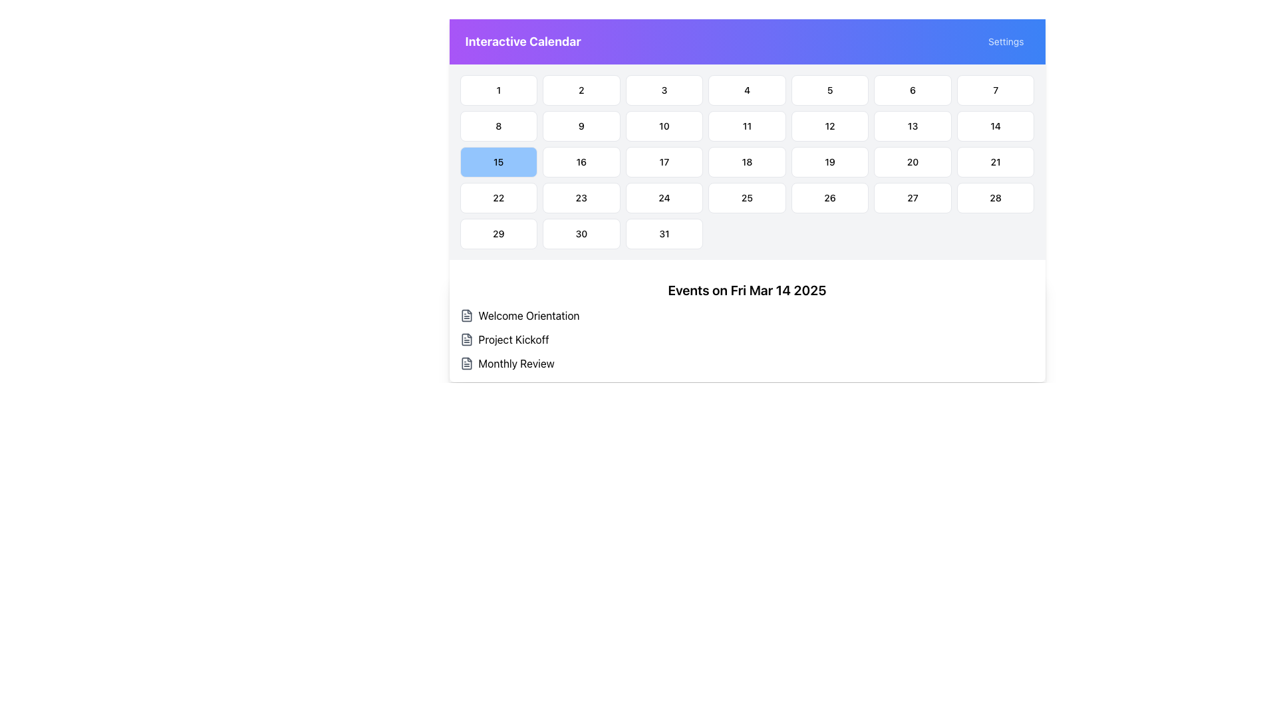 The height and width of the screenshot is (718, 1277). I want to click on the text label indicating a specific date in the first row and third column of the calendar interface, so click(664, 90).